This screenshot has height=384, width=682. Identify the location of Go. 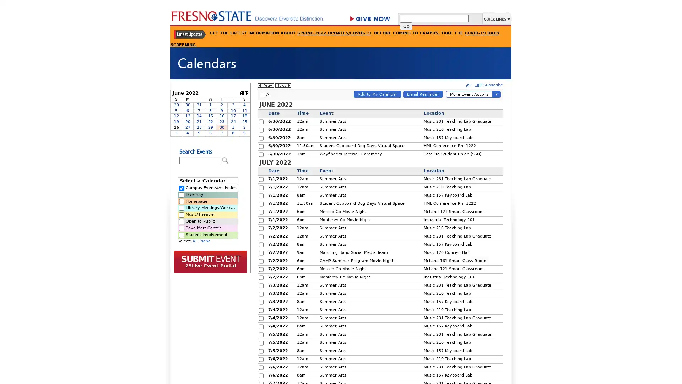
(406, 26).